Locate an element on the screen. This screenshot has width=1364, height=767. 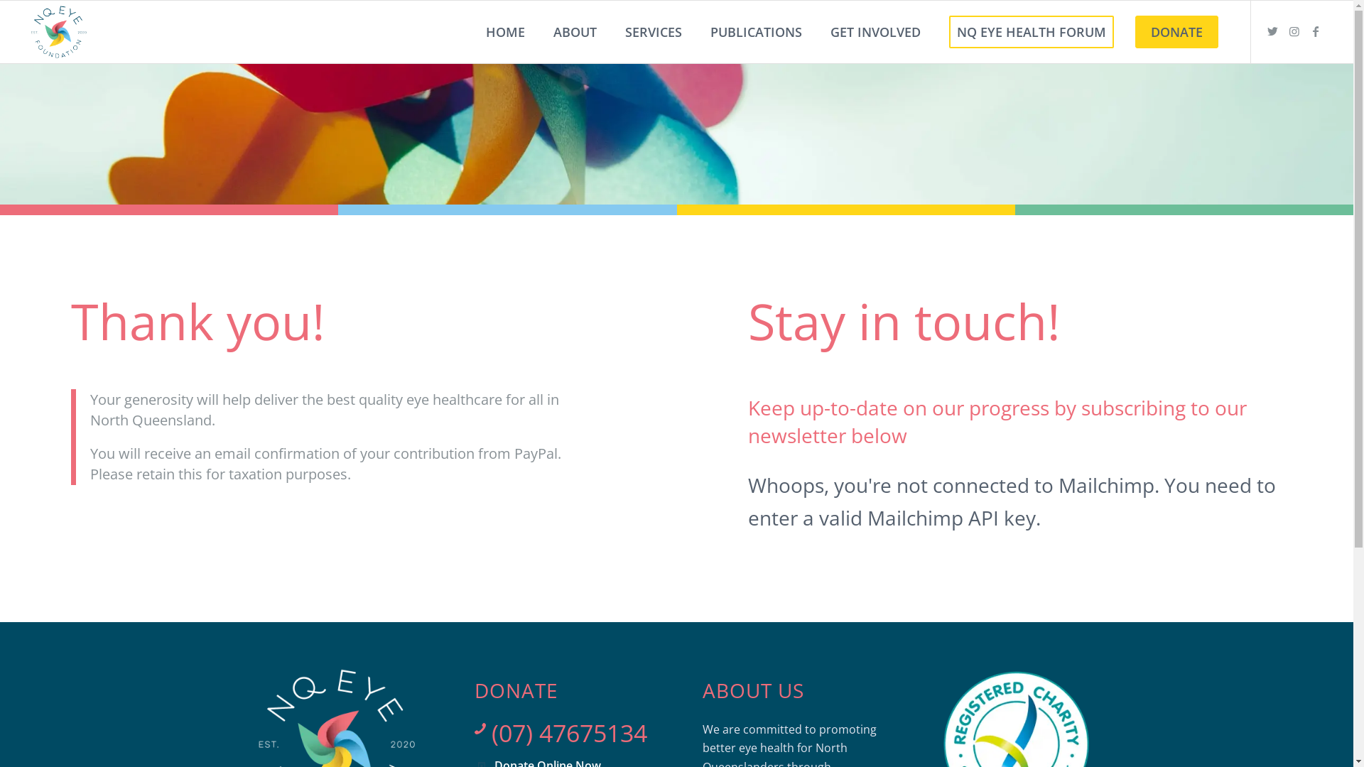
'DONATE' is located at coordinates (1176, 32).